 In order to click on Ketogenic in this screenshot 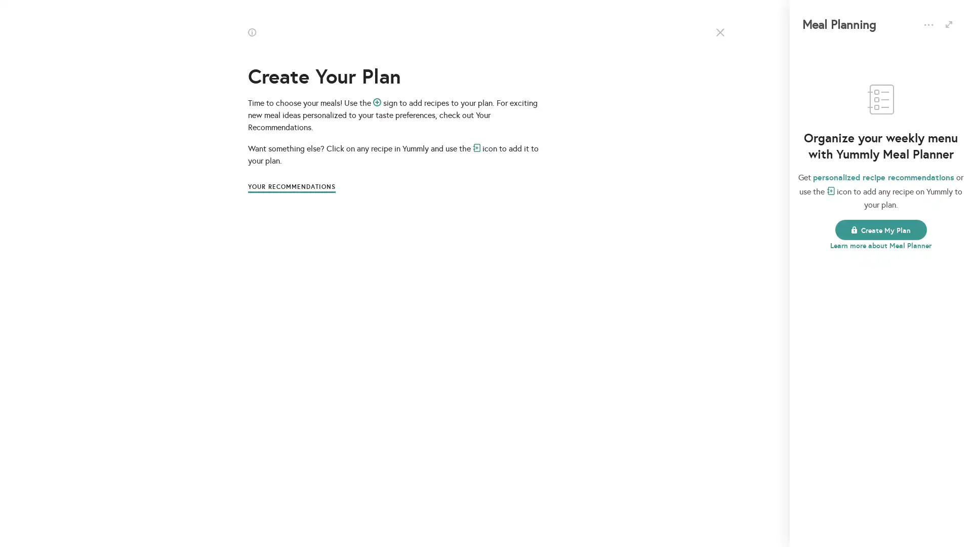, I will do `click(344, 208)`.